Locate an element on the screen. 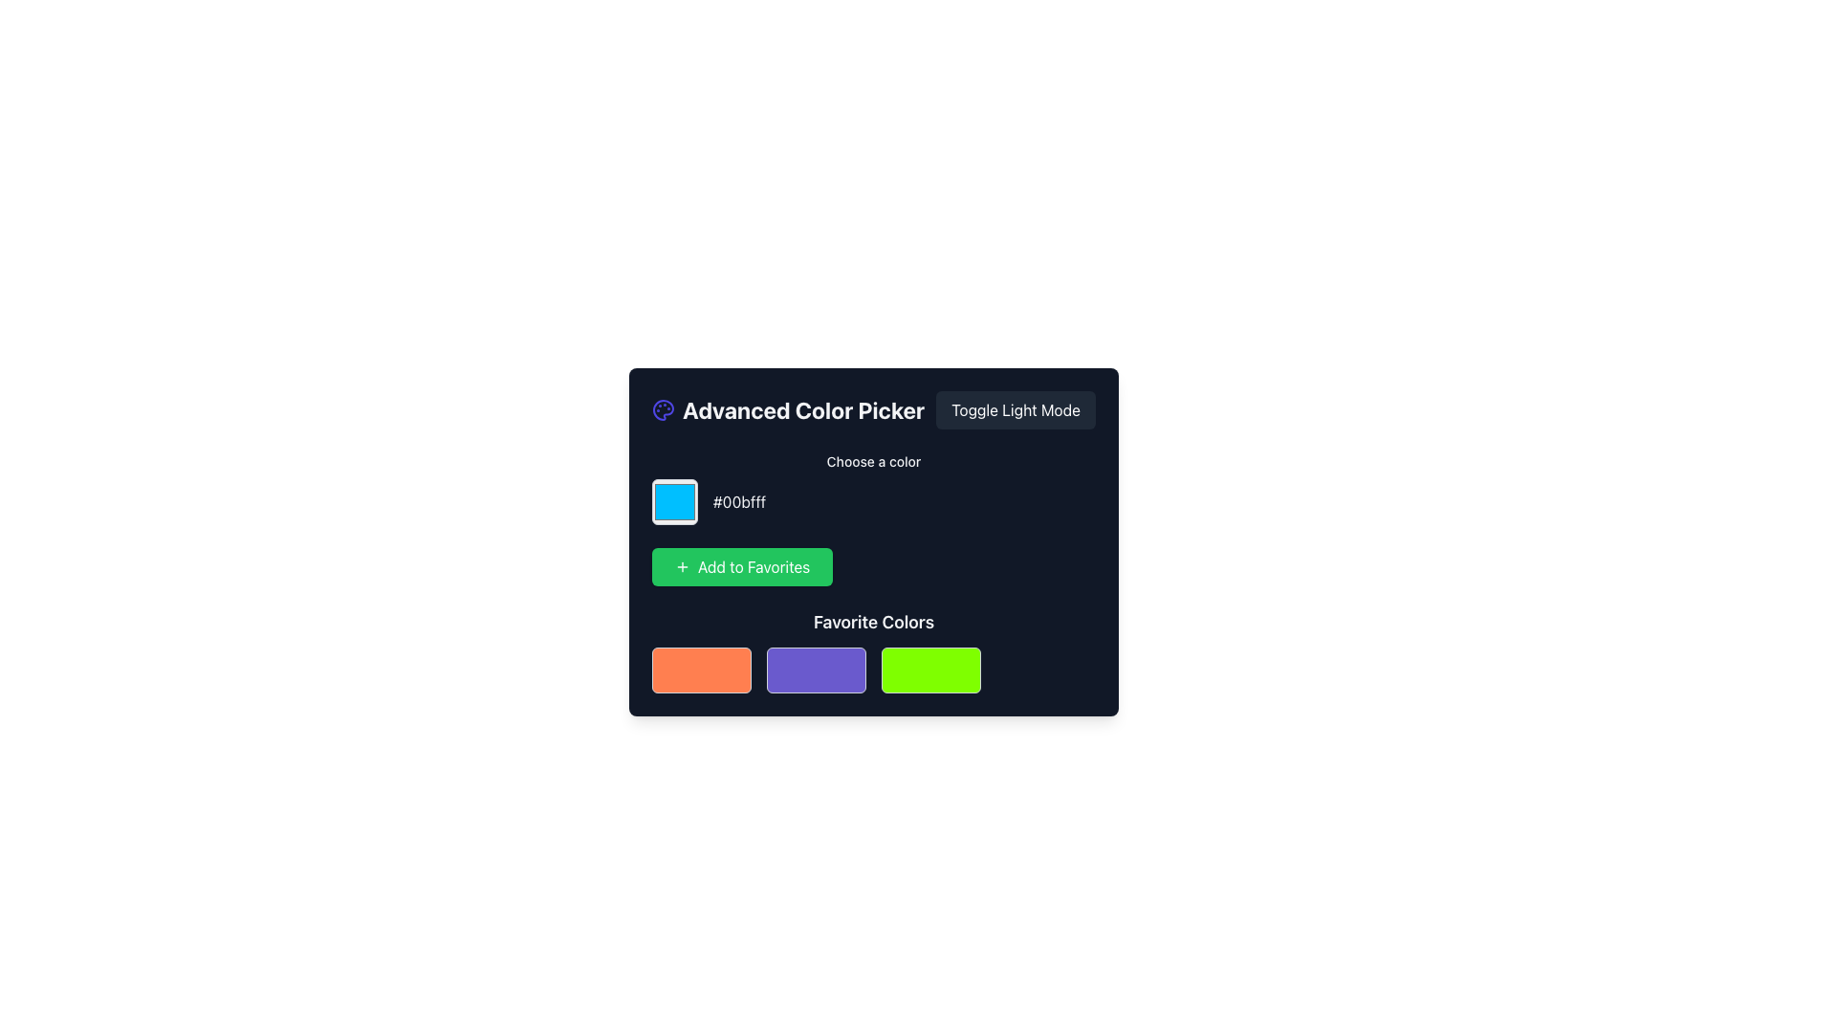  the orange color tile from the 'Favorite Colors' section is located at coordinates (701, 670).